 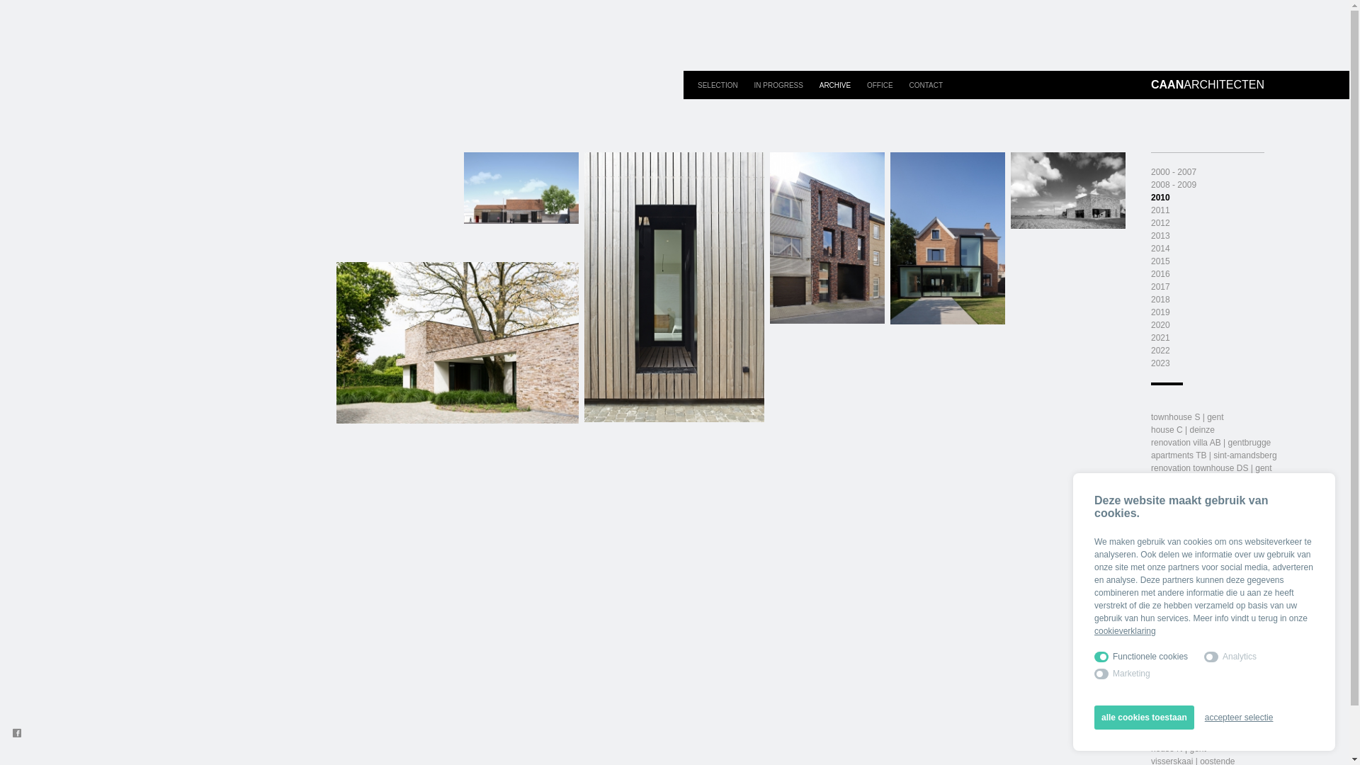 What do you see at coordinates (879, 85) in the screenshot?
I see `'OFFICE'` at bounding box center [879, 85].